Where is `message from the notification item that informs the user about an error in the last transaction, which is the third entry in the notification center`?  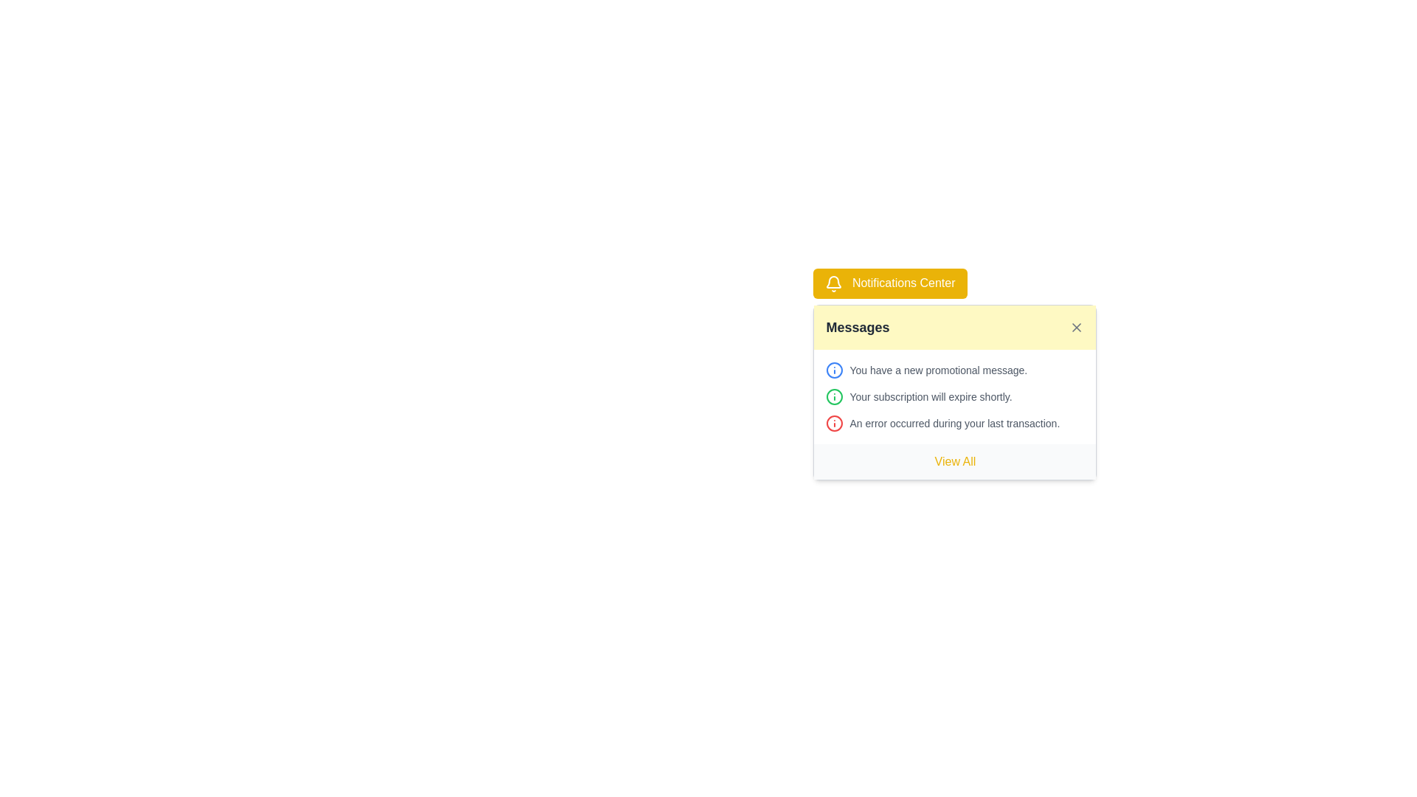
message from the notification item that informs the user about an error in the last transaction, which is the third entry in the notification center is located at coordinates (955, 423).